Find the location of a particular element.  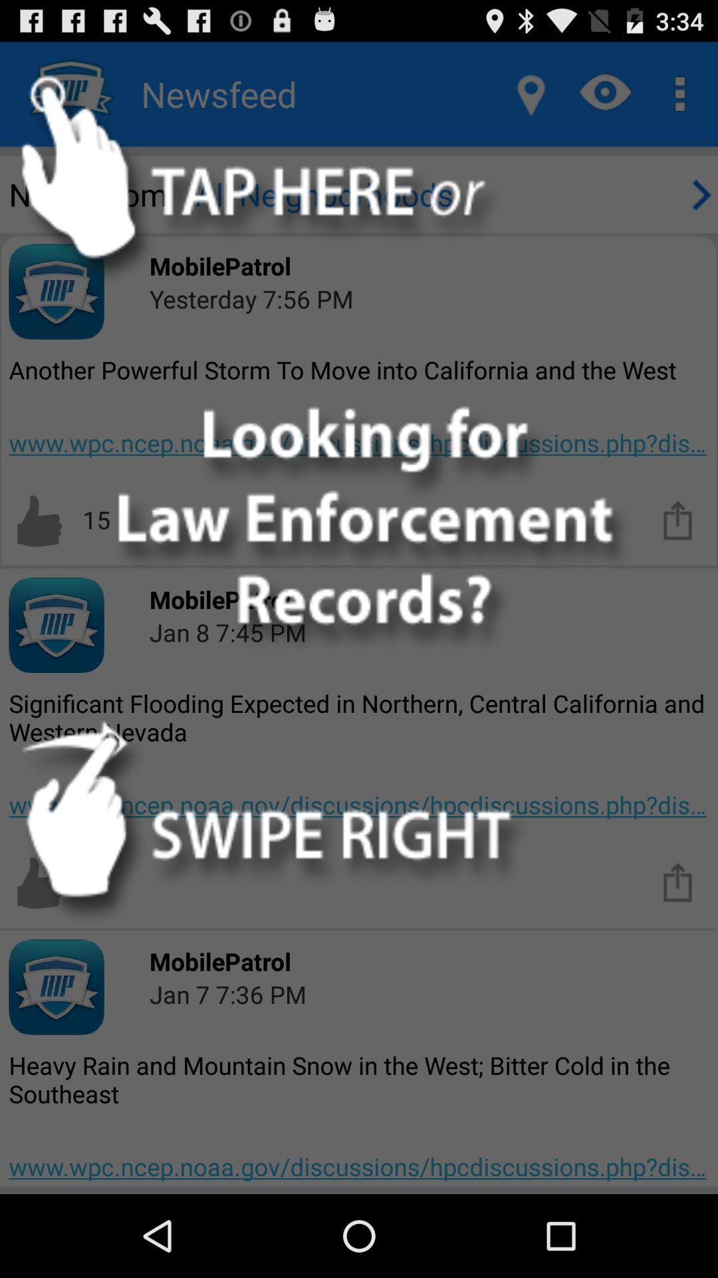

share the article is located at coordinates (678, 881).